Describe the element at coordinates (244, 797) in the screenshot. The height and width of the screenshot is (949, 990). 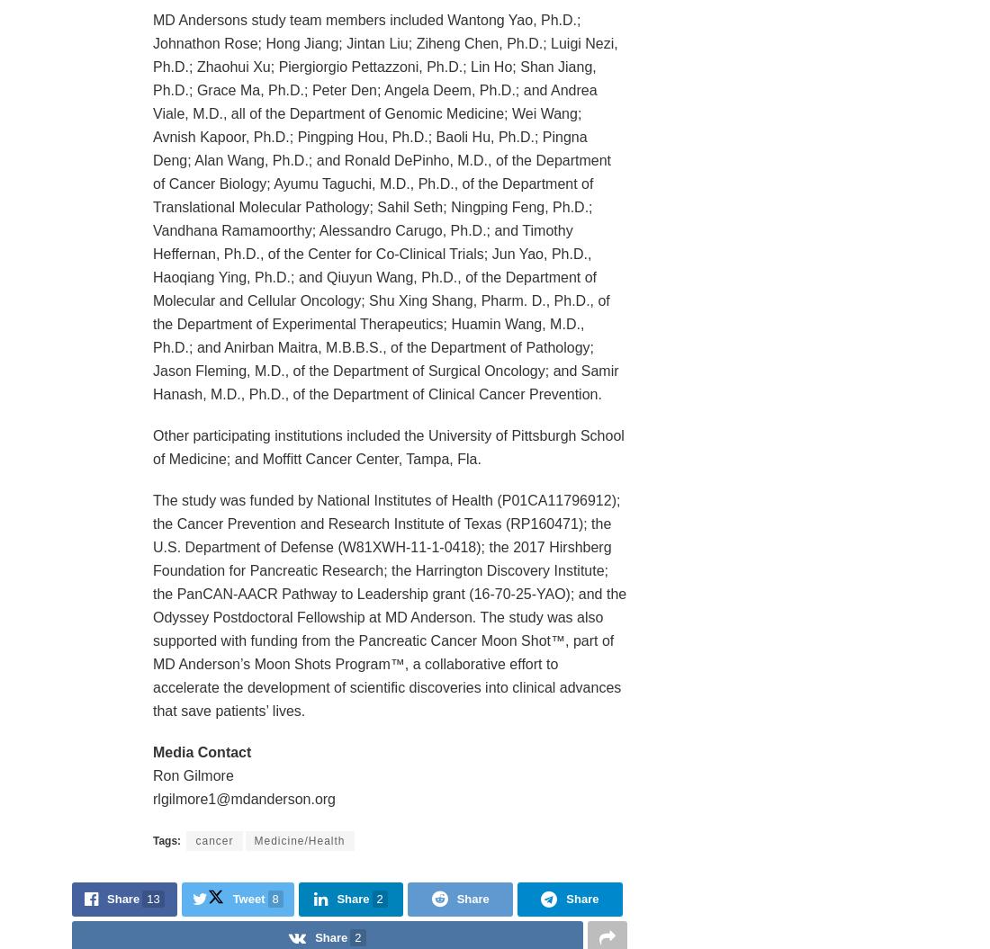
I see `'rlgilmore1@mdanderson.org'` at that location.